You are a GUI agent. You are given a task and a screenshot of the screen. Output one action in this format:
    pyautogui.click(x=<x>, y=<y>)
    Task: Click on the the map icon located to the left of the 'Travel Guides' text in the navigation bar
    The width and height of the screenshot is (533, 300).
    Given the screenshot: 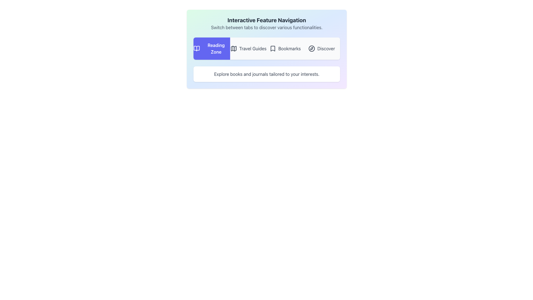 What is the action you would take?
    pyautogui.click(x=233, y=48)
    